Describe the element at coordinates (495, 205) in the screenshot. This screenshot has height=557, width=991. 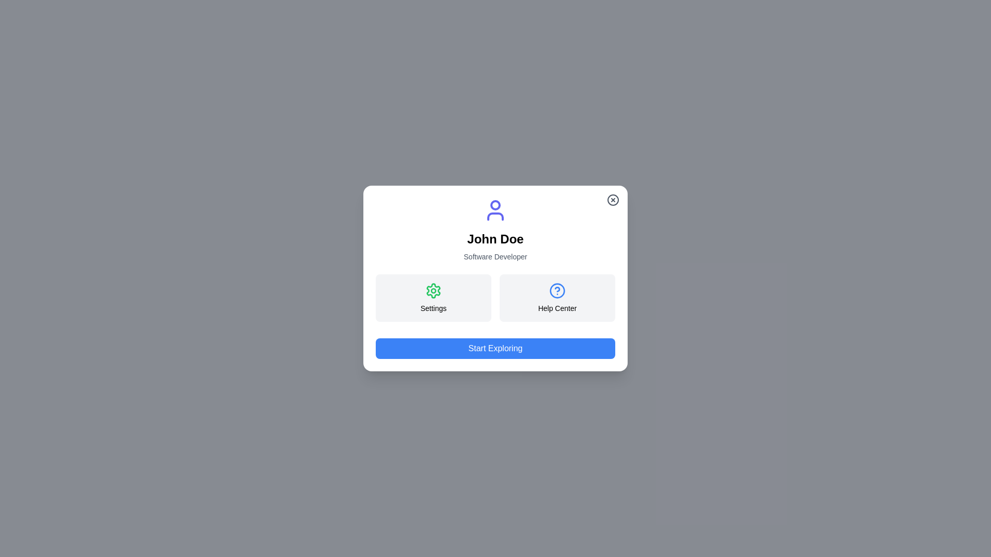
I see `the circular icon element representing the user profile, which is styled with a blue stroke and located at the top center of the user profile graphic` at that location.